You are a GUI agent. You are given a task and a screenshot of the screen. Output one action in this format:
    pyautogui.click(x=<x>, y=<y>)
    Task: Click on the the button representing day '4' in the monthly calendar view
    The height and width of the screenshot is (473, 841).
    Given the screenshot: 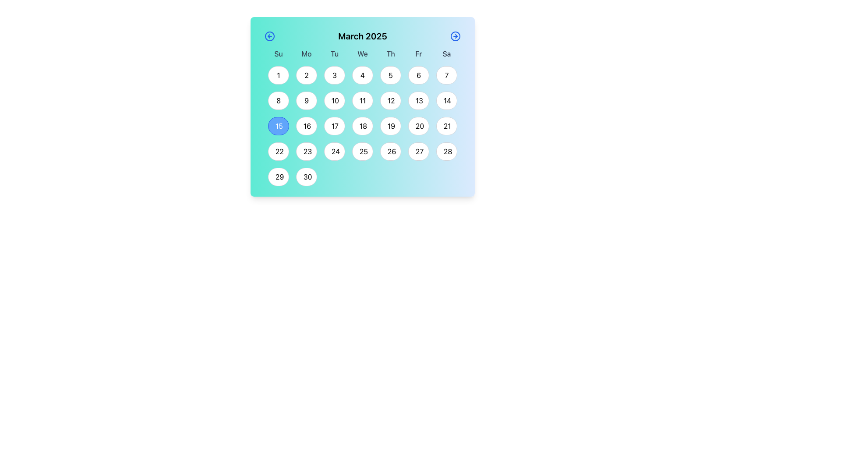 What is the action you would take?
    pyautogui.click(x=363, y=75)
    